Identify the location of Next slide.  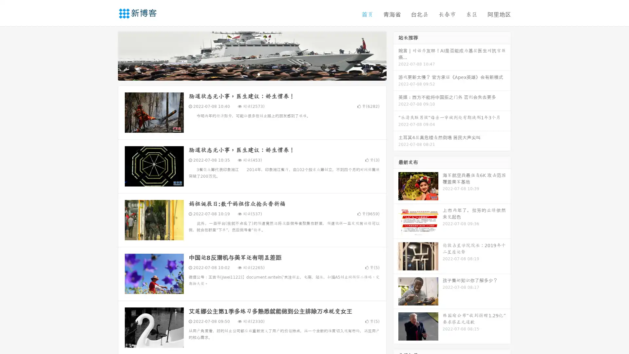
(396, 55).